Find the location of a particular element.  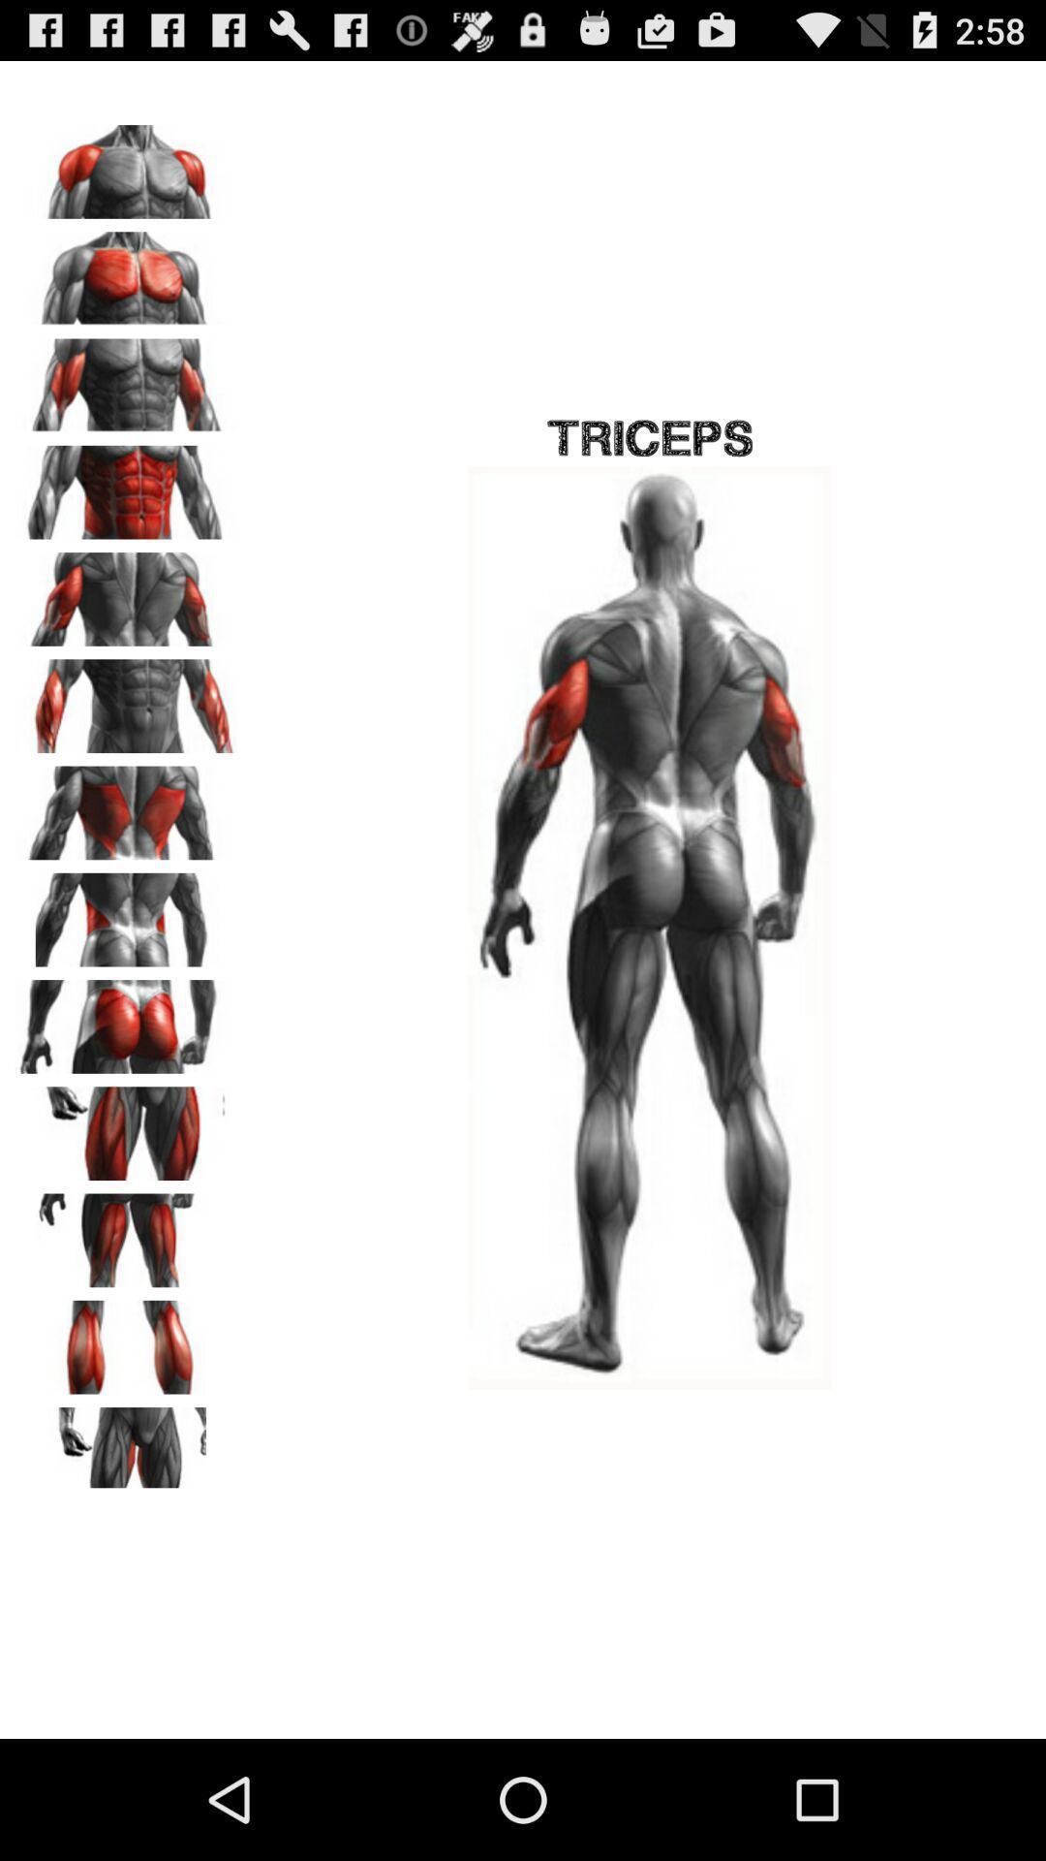

change photo is located at coordinates (127, 379).